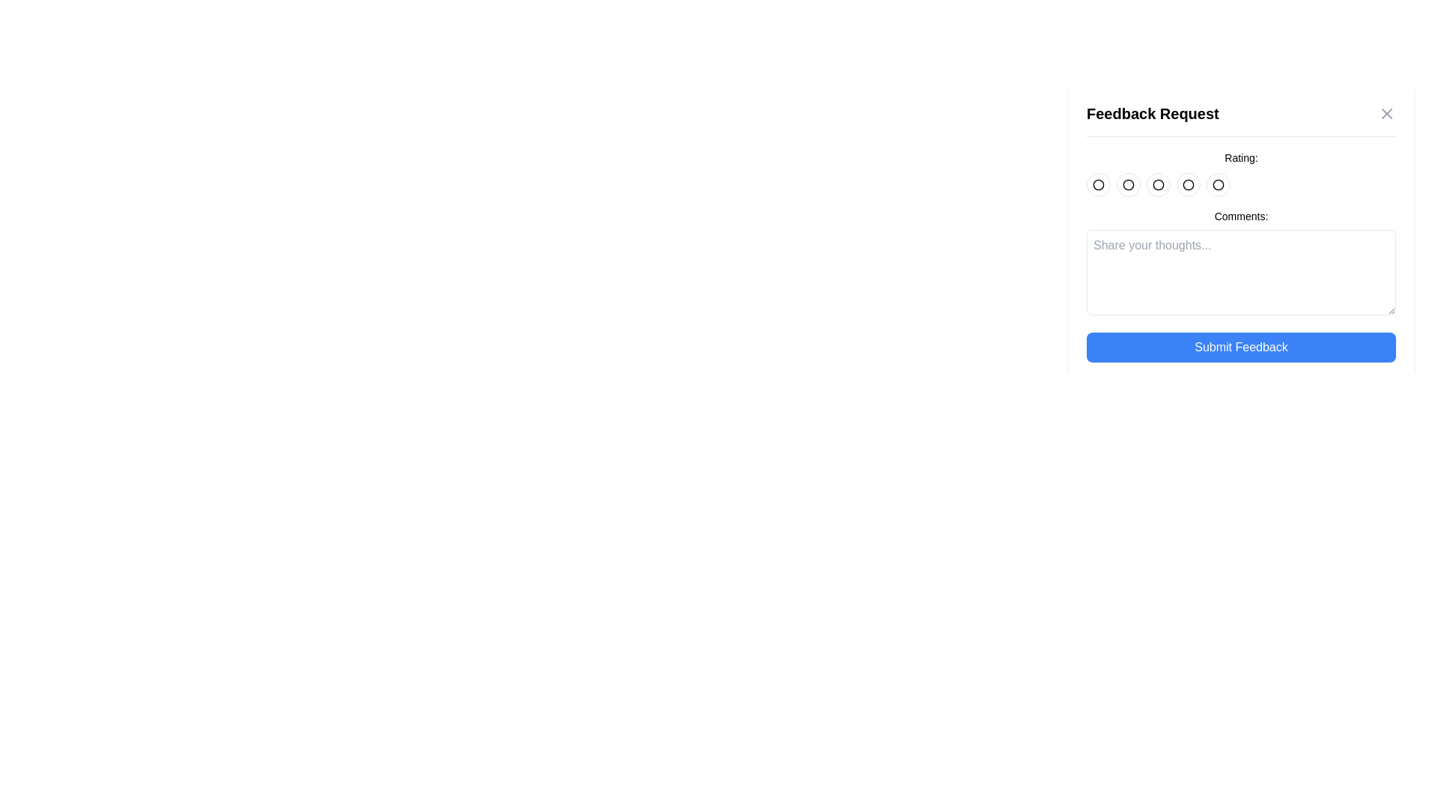 This screenshot has height=809, width=1438. I want to click on the fourth radio button styled as an icon in the feedback rating interface, so click(1219, 184).